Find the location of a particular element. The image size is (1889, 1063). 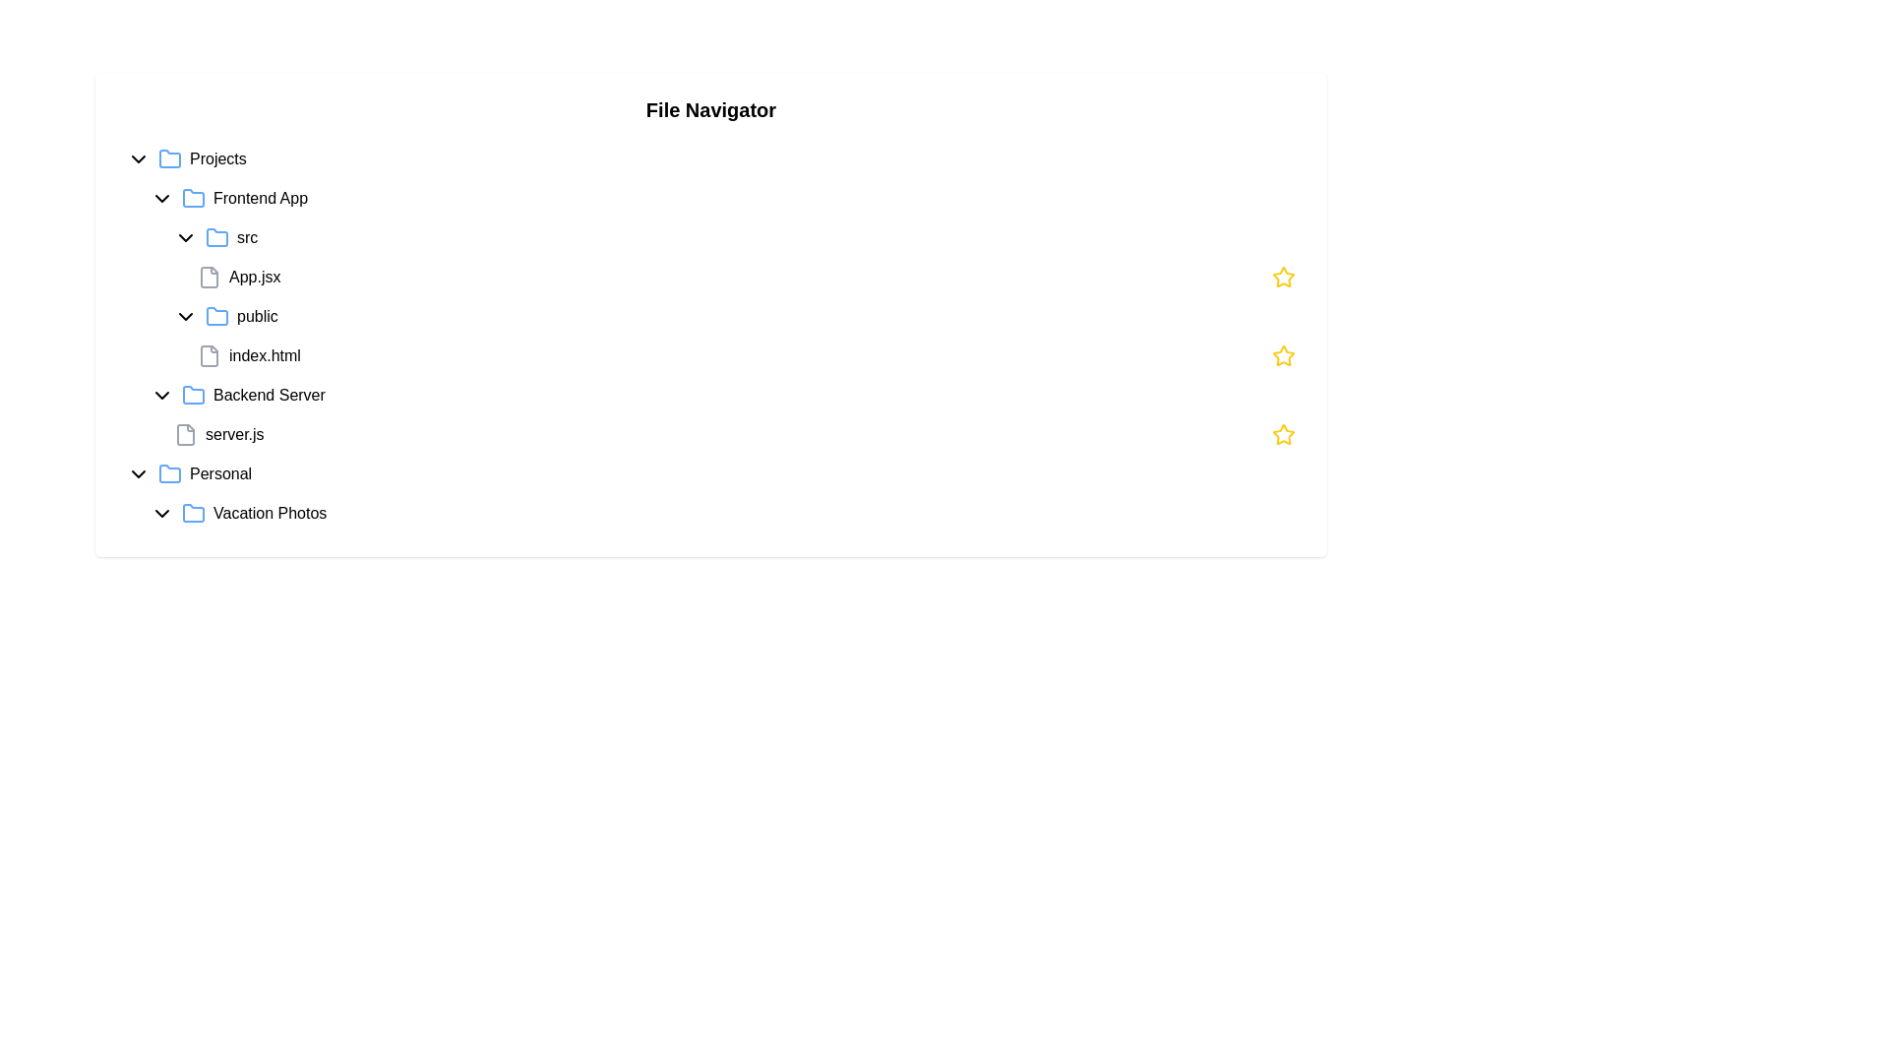

the 'src' folder icon in the hierarchical file navigator, which is located under the 'Frontend App' within 'Projects', positioned to the left of the text label 'src' is located at coordinates (216, 236).